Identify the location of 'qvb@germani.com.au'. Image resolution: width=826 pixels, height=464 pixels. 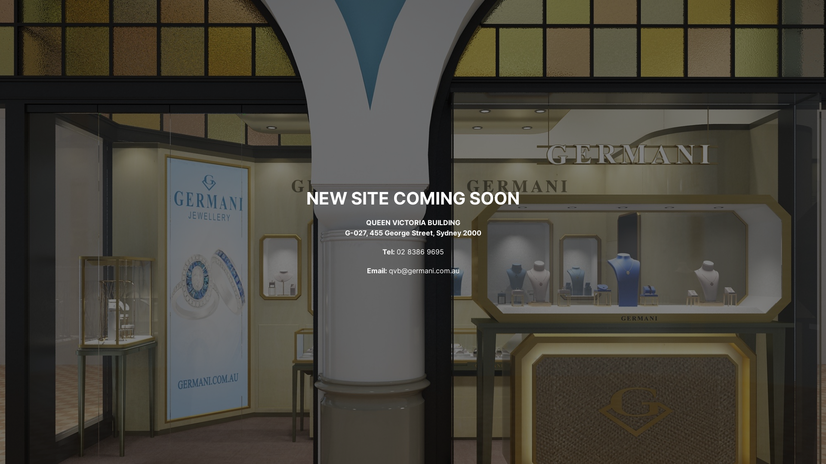
(424, 270).